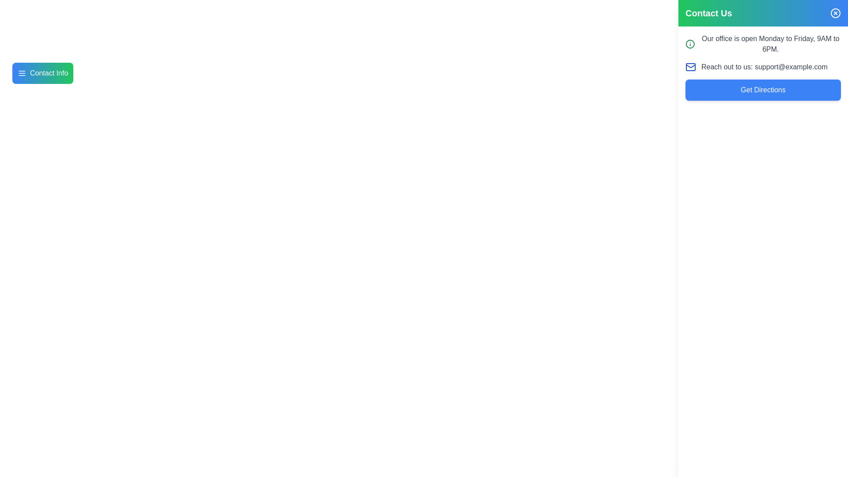 The width and height of the screenshot is (848, 477). I want to click on the bold 'Contact Us' text label located in the upper-right corner of the header with a green-to-blue gradient background, so click(708, 13).